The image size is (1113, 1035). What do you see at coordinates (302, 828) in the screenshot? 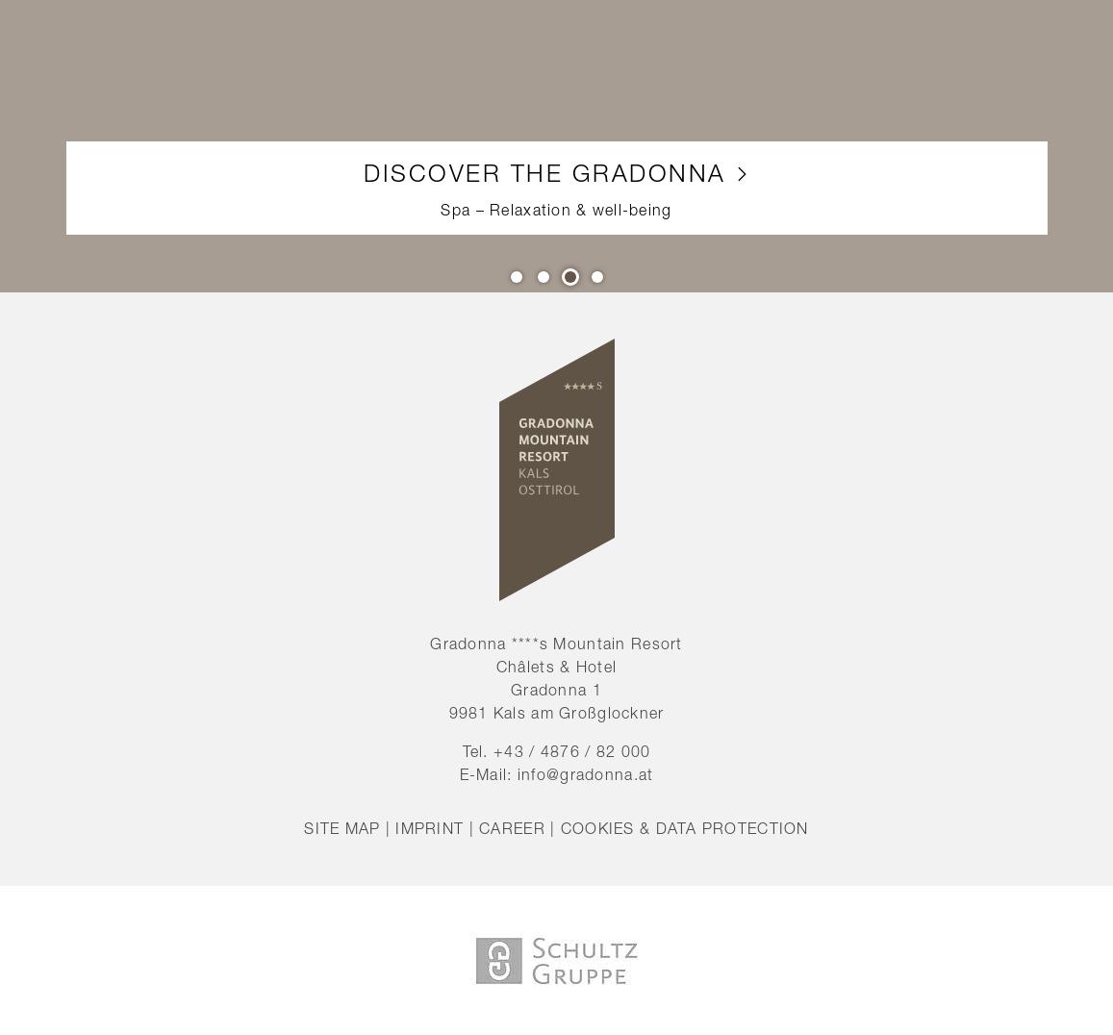
I see `'Site map'` at bounding box center [302, 828].